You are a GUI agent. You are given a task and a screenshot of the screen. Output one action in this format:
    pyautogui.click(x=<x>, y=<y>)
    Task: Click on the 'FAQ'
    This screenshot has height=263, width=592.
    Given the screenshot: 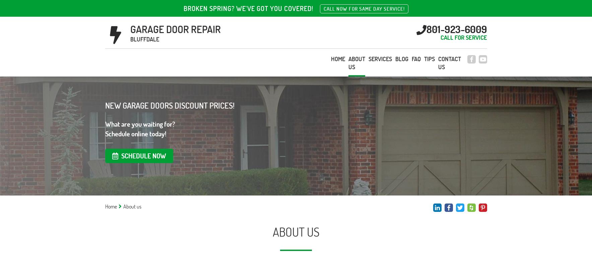 What is the action you would take?
    pyautogui.click(x=313, y=58)
    